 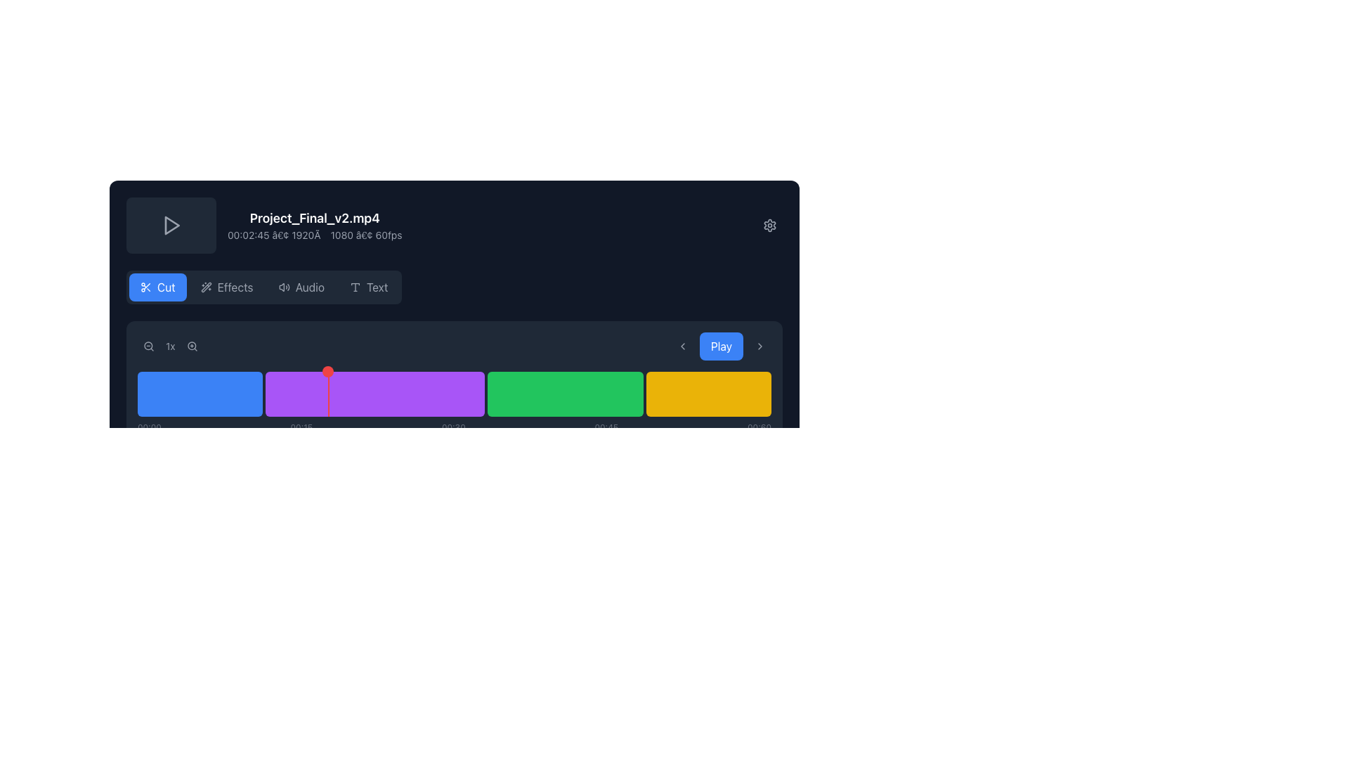 I want to click on the purple segment block in the timeline, so click(x=374, y=394).